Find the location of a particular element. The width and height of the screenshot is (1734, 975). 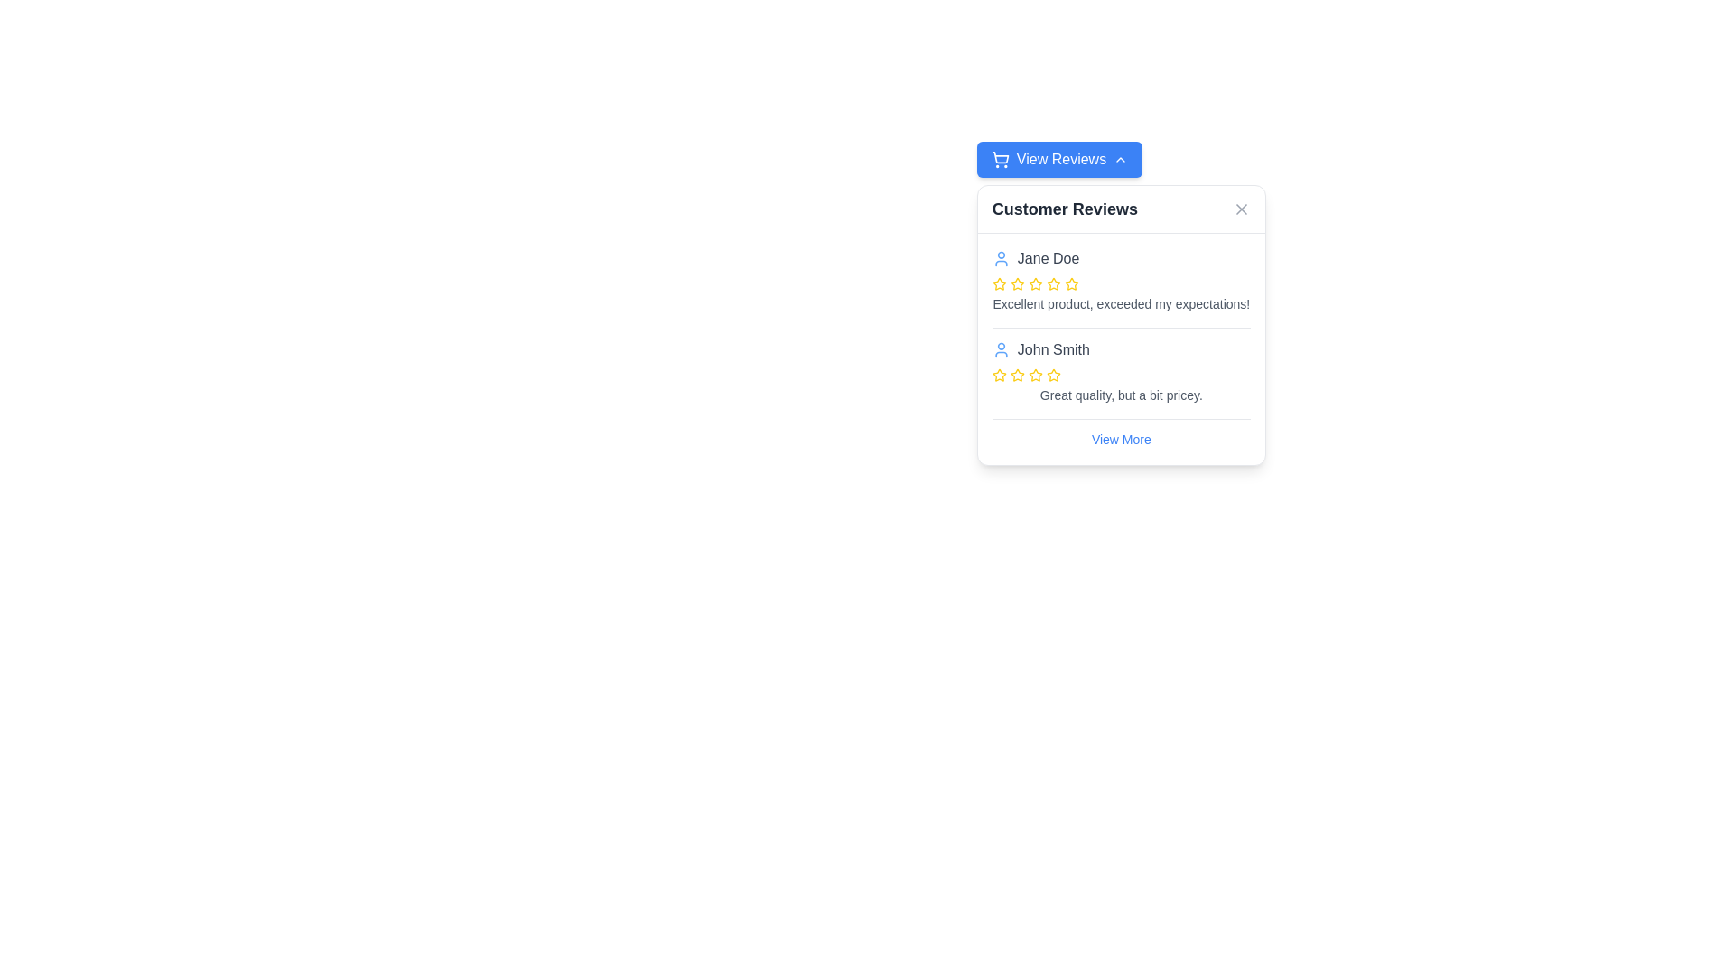

the static text label that reads 'Great quality, but a bit pricey.', which is positioned below the star rating and user name 'John Smith' in the reviews section is located at coordinates (1120, 395).